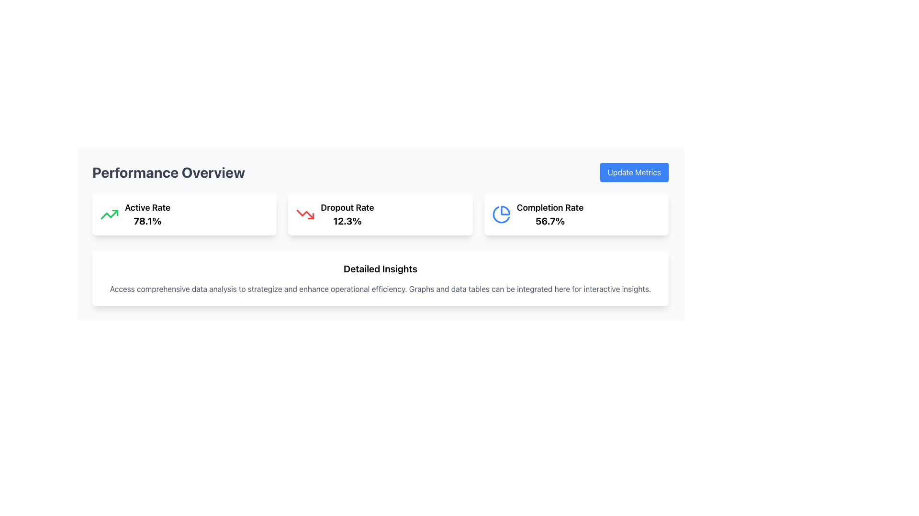  What do you see at coordinates (184, 214) in the screenshot?
I see `the 'Active Rate' Metric Card located in the top-left corner of the dashboard, which visually represents the Active Rate metric and its percentage value` at bounding box center [184, 214].